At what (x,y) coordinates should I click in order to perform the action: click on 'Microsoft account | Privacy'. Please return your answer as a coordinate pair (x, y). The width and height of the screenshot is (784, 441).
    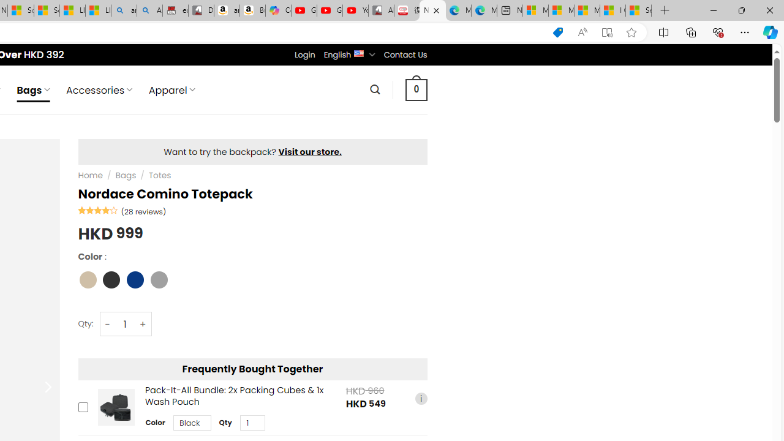
    Looking at the image, I should click on (560, 10).